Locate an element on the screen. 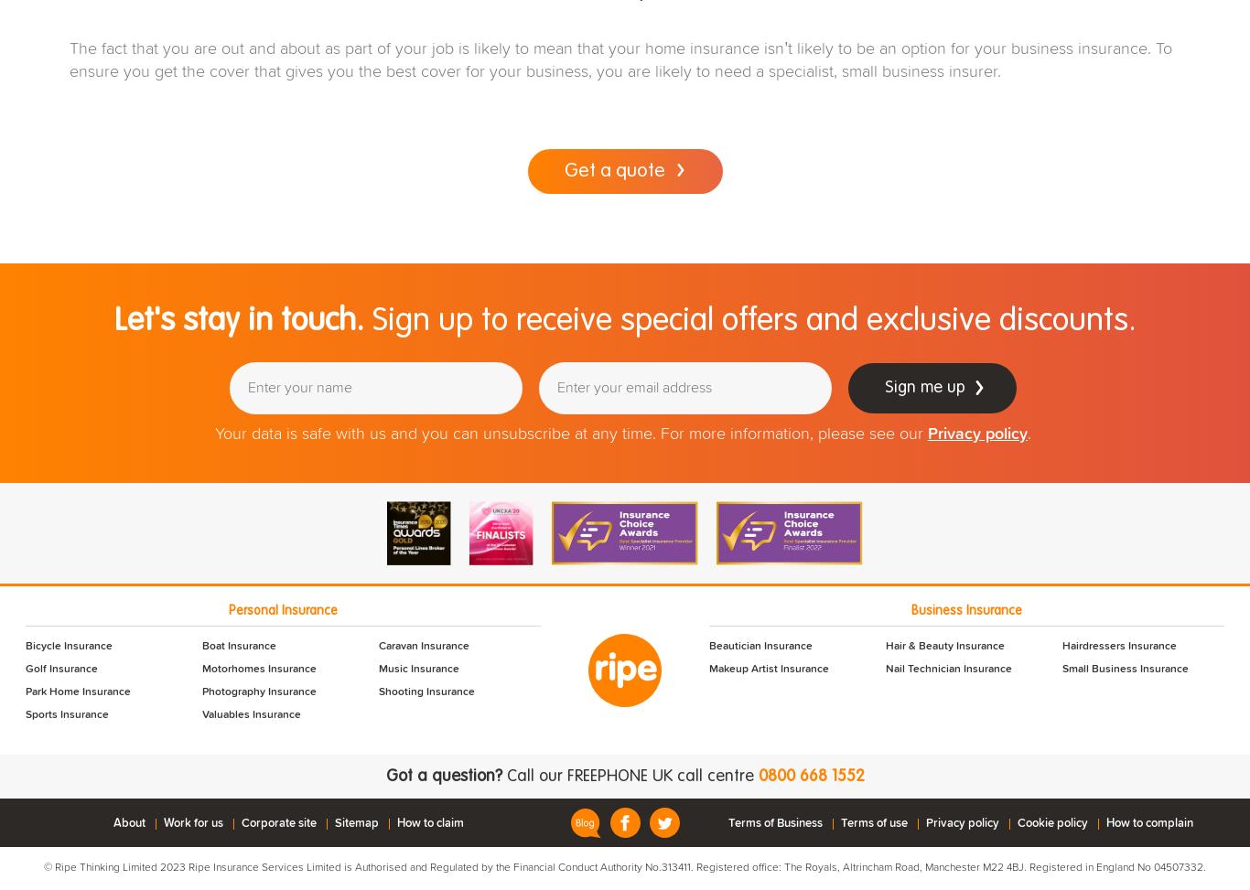 Image resolution: width=1250 pixels, height=890 pixels. '© Ripe Thinking Limited 2023 Ripe Insurance Services Limited is Authorised and Regulated by the Financial Conduct Authority No.313411. Registered office: The Royals, Altrincham Road, Manchester M22 4BJ. Registered in England No 04507332.' is located at coordinates (625, 866).